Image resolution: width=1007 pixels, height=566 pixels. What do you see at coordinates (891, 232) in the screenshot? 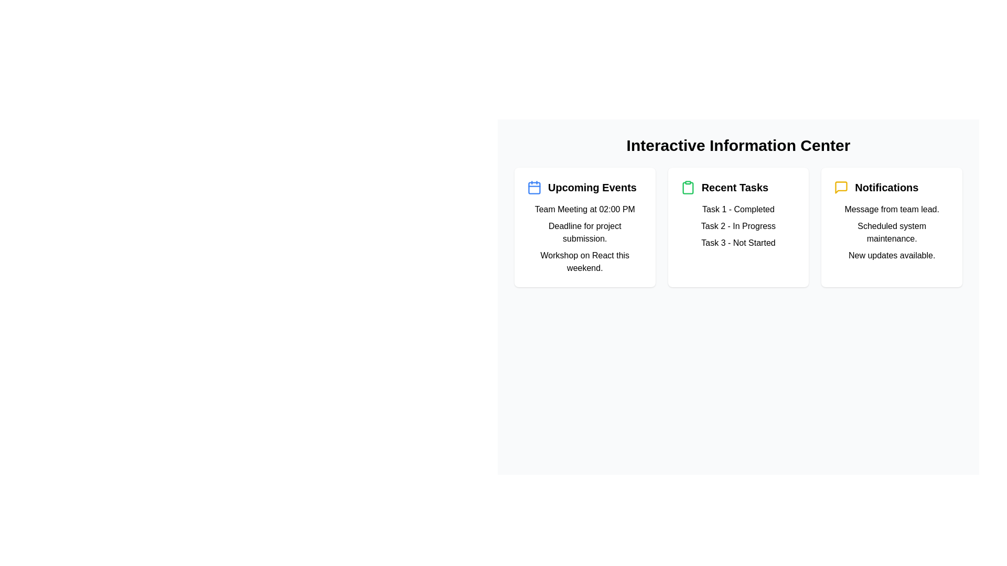
I see `the informational text label about scheduled system maintenance, which is the second entry in the list of notifications located between 'Message from team lead.' and 'New updates available.'` at bounding box center [891, 232].